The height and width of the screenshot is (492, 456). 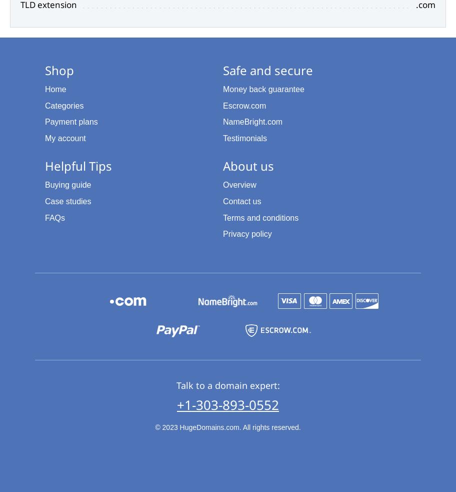 What do you see at coordinates (176, 404) in the screenshot?
I see `'+1-303-893-0552'` at bounding box center [176, 404].